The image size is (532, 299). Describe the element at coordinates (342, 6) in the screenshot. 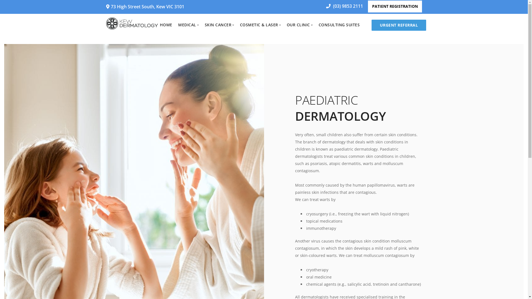

I see `'(03) 9853 2111'` at that location.